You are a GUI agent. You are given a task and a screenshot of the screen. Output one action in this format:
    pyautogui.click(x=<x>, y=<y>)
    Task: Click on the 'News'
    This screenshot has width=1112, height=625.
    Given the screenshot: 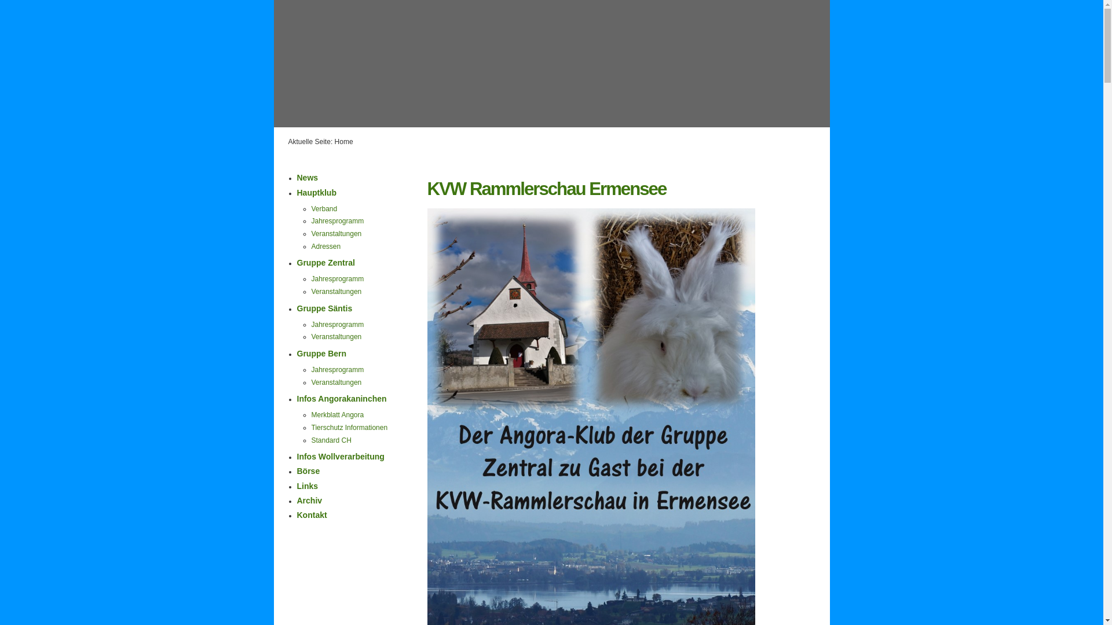 What is the action you would take?
    pyautogui.click(x=307, y=178)
    